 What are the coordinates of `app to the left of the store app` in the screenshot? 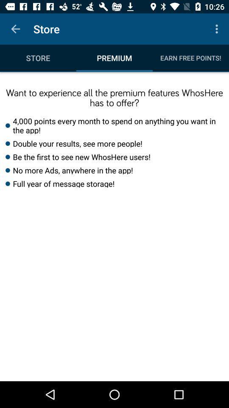 It's located at (15, 29).